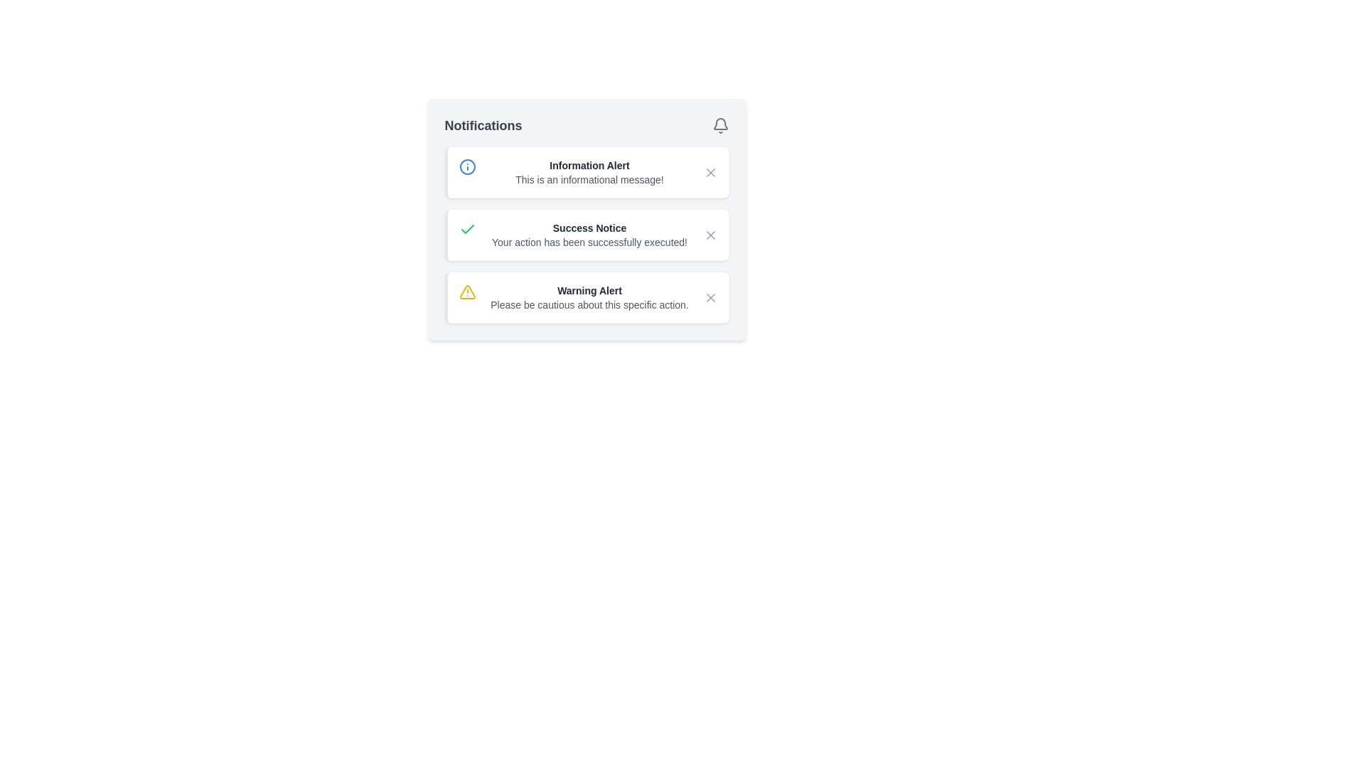 The height and width of the screenshot is (768, 1365). Describe the element at coordinates (710, 297) in the screenshot. I see `the close button (icon-based) located to the right of the 'Warning Alert' notification` at that location.